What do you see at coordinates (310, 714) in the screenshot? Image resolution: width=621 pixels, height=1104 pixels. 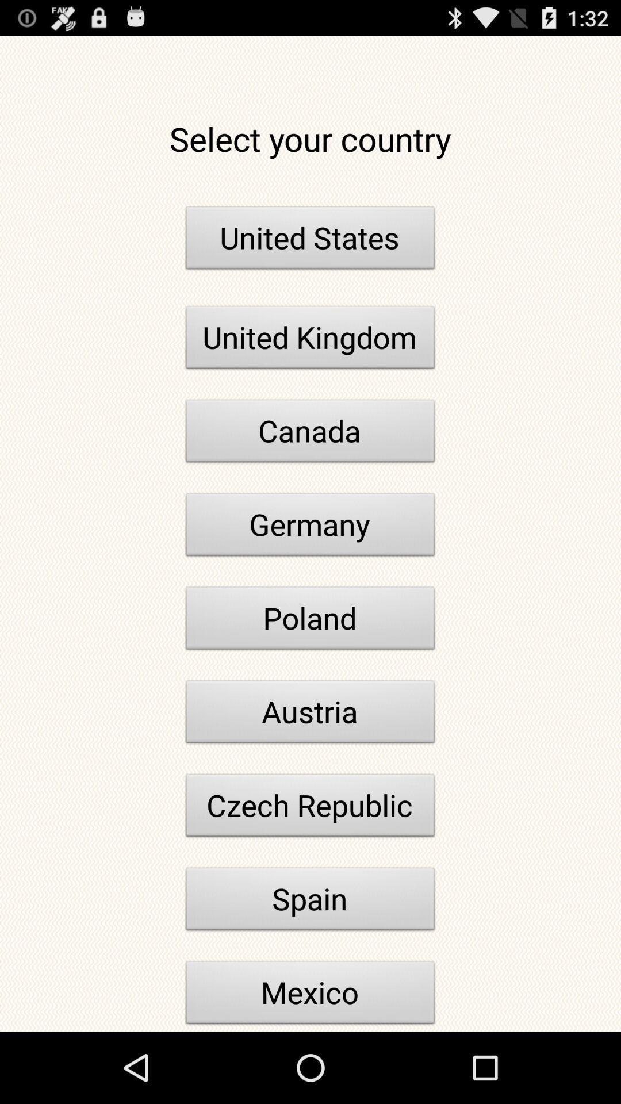 I see `the item above the czech republic` at bounding box center [310, 714].